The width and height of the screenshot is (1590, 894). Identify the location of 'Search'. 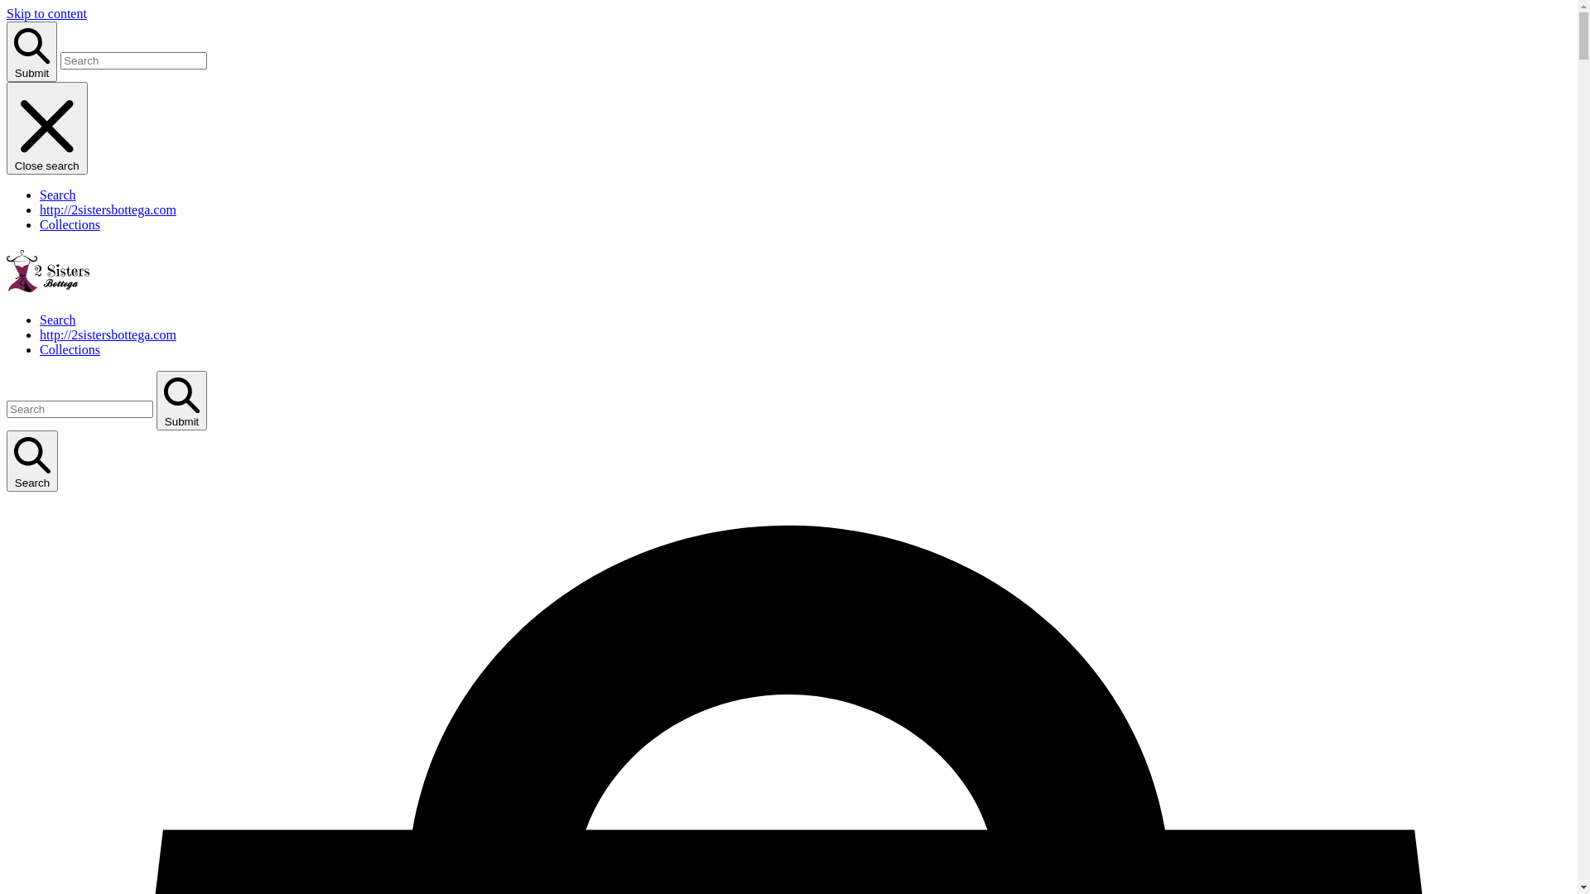
(58, 320).